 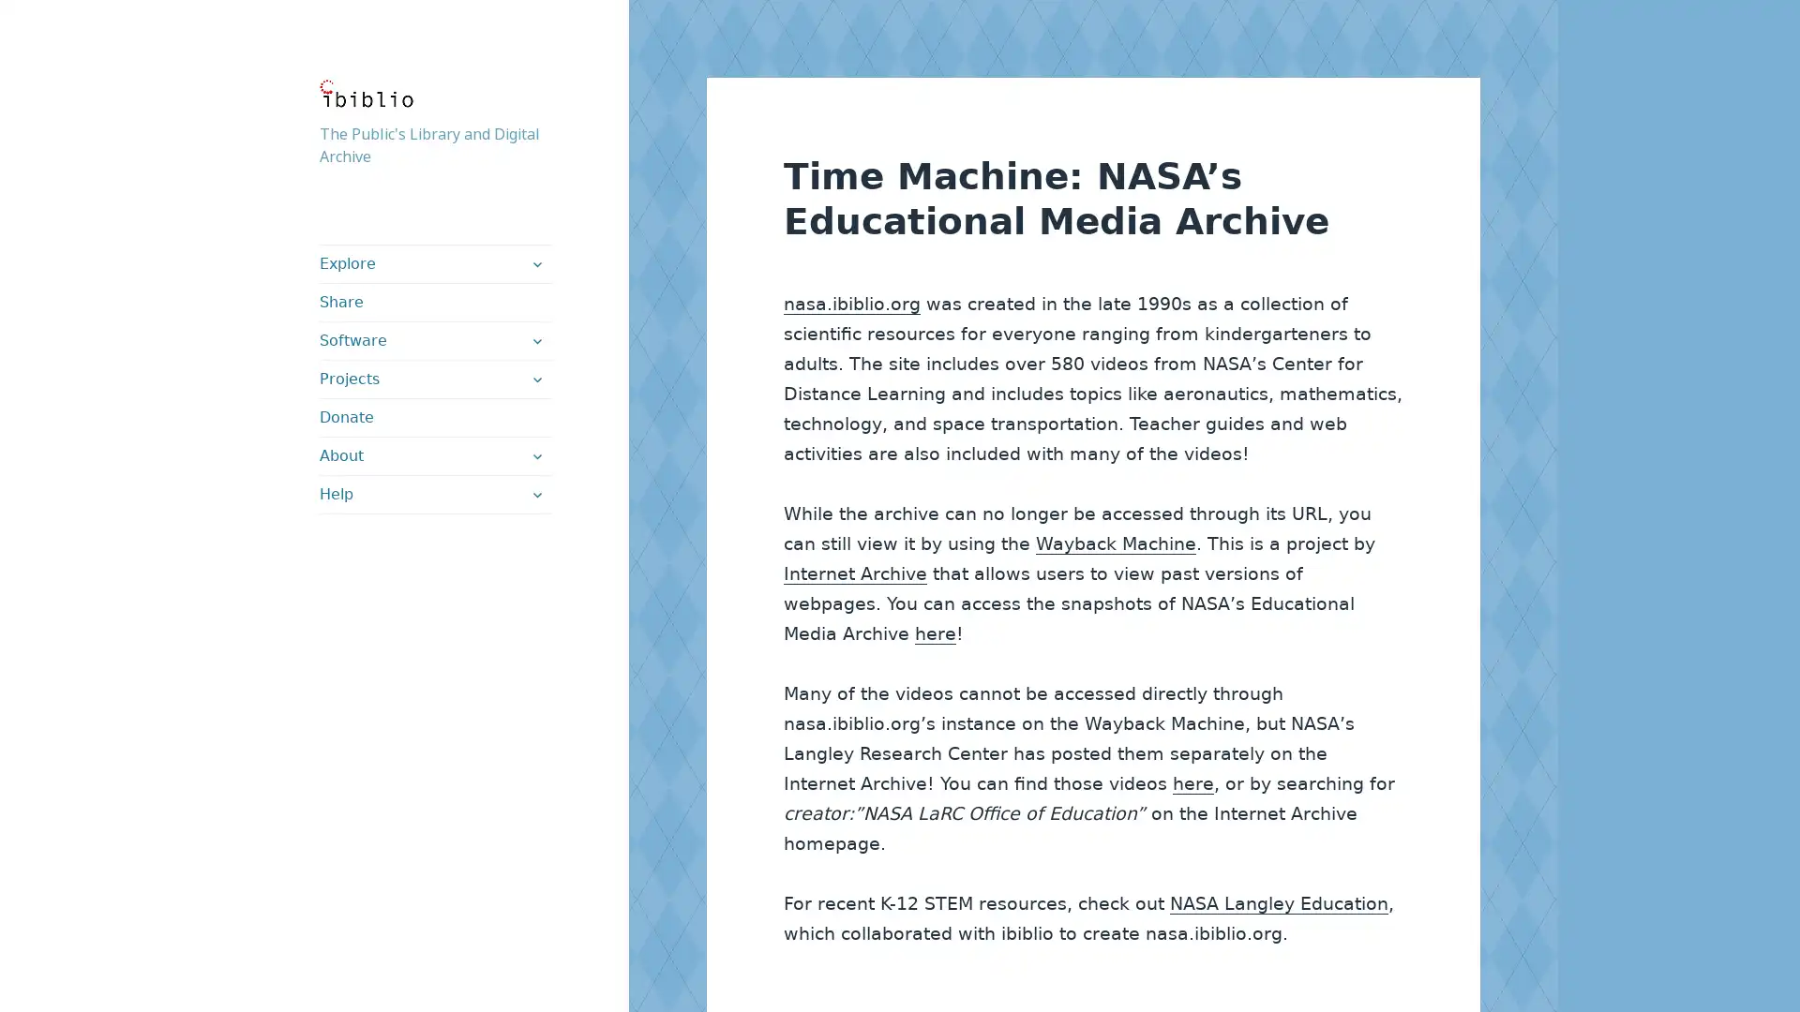 I want to click on expand child menu, so click(x=534, y=379).